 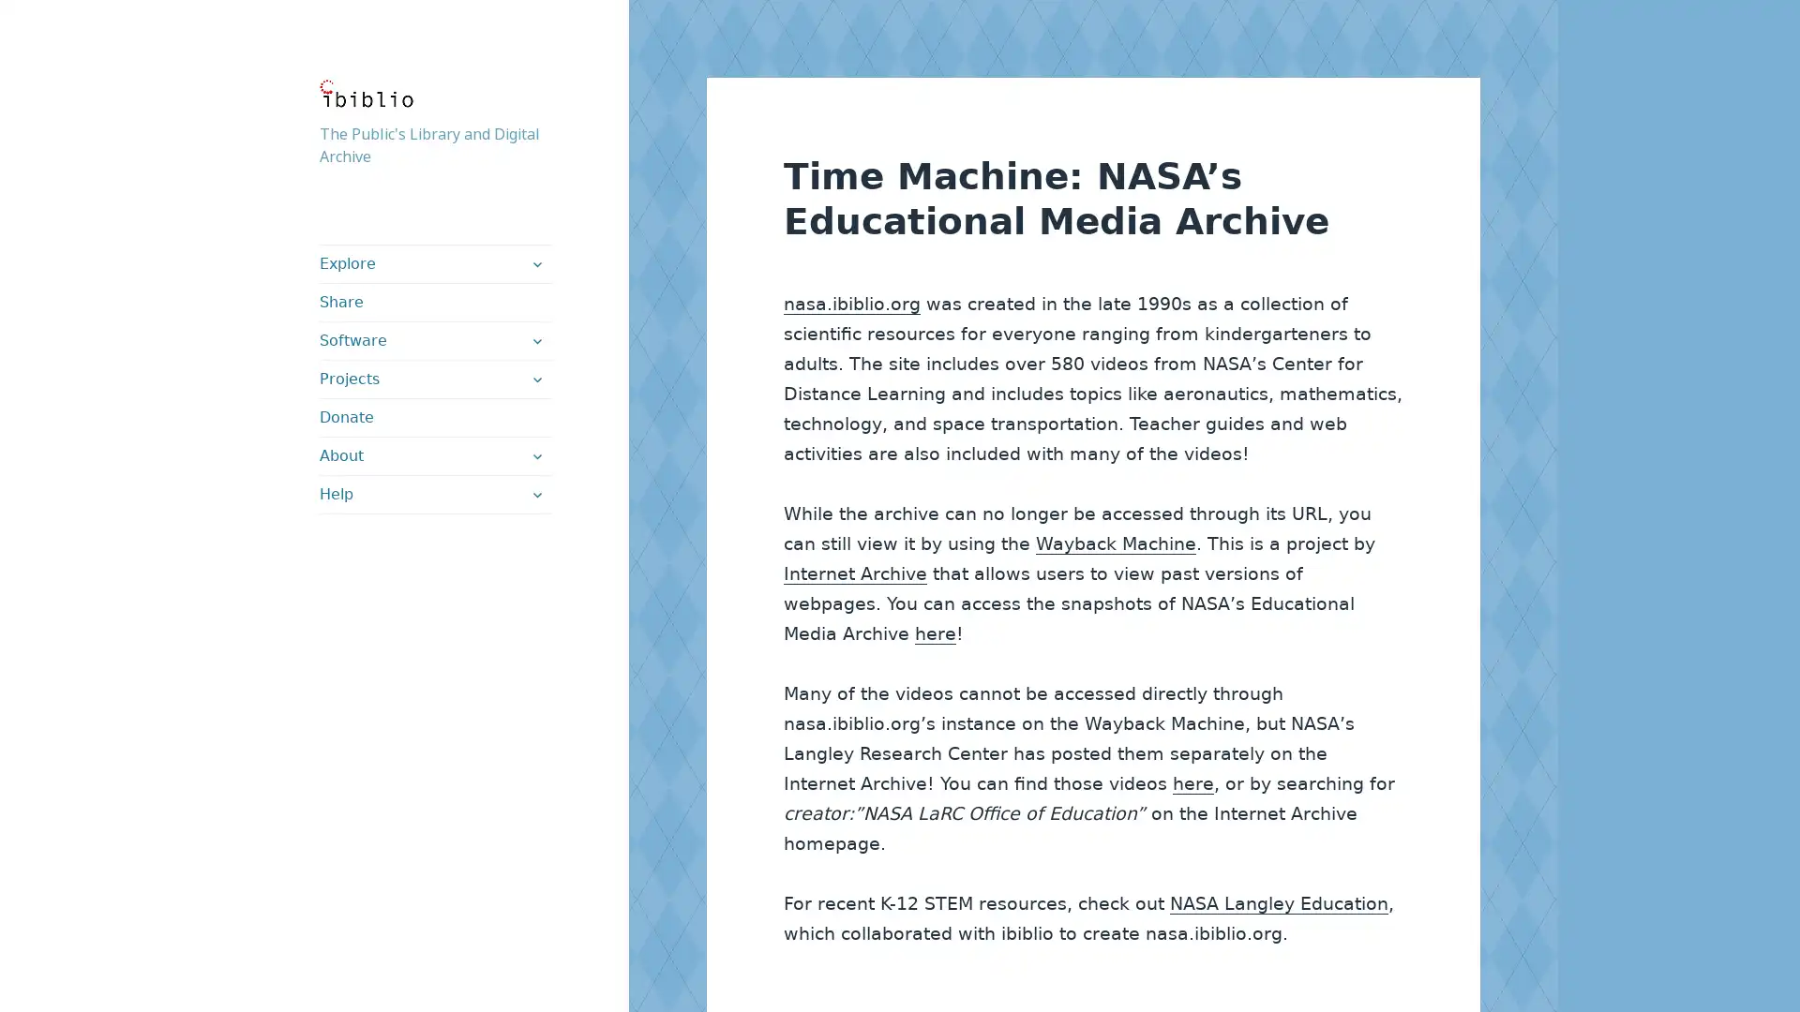 I want to click on expand child menu, so click(x=534, y=379).